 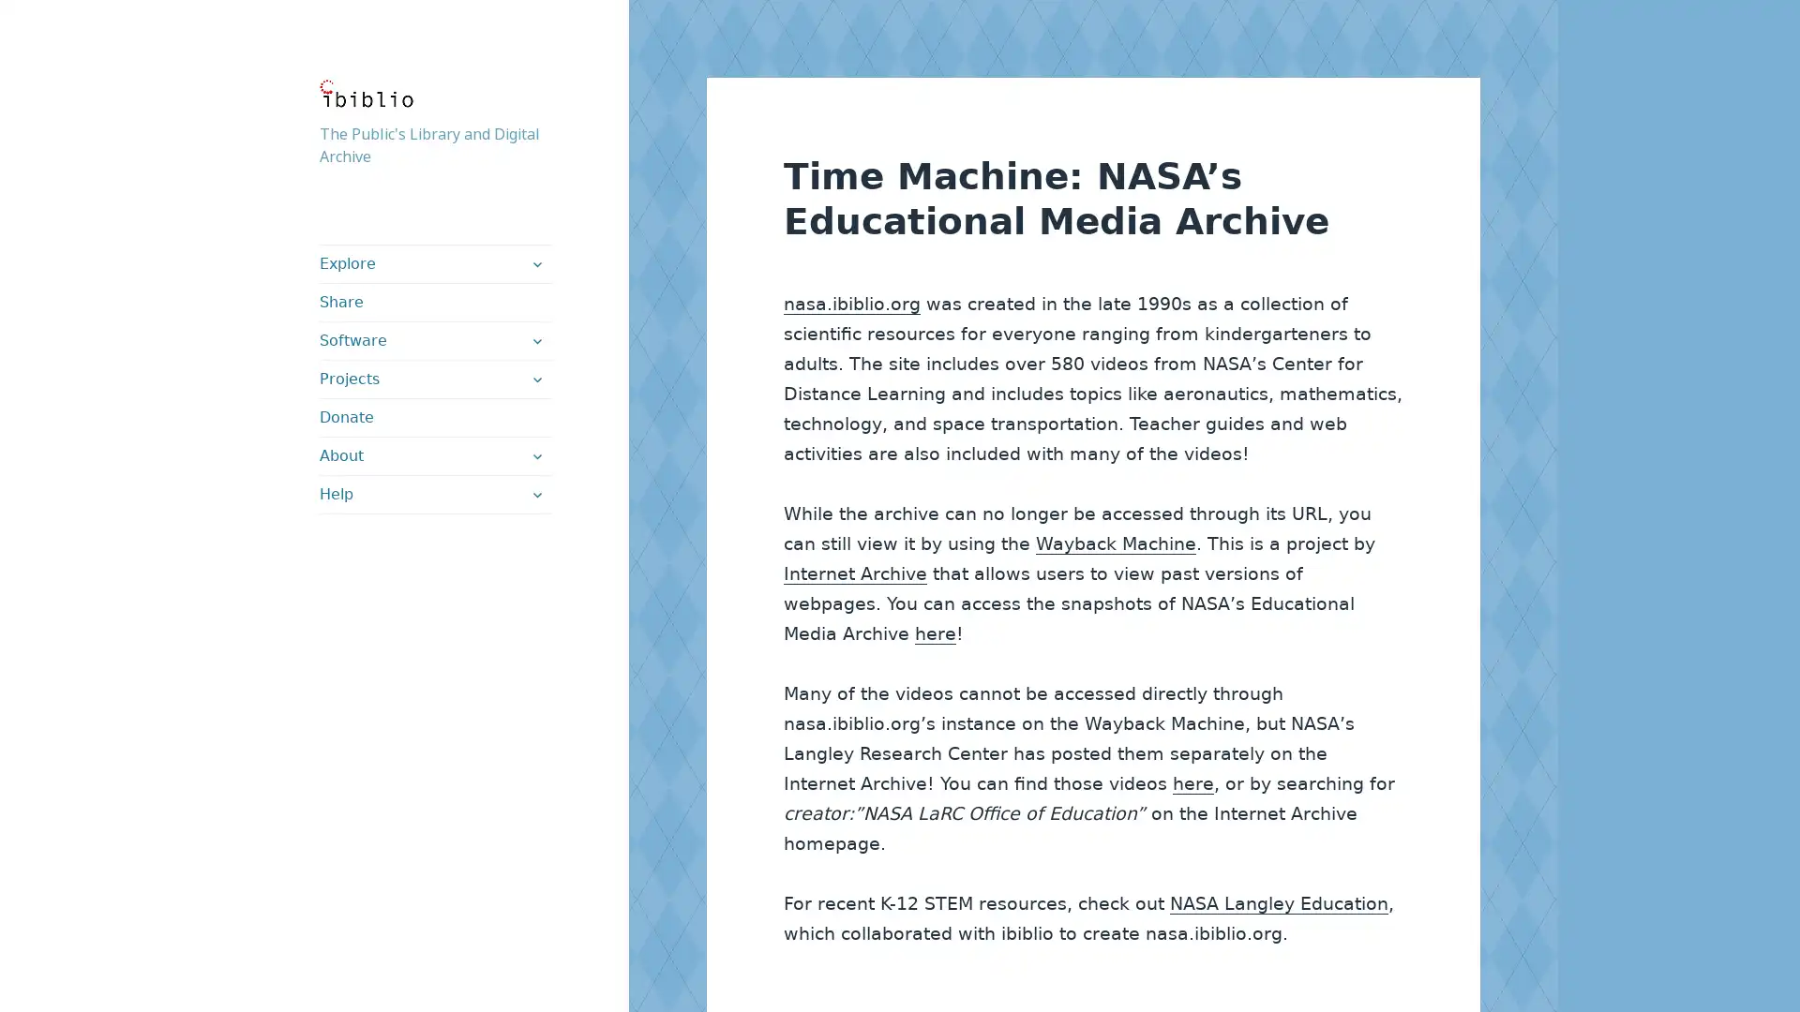 I want to click on expand child menu, so click(x=534, y=379).